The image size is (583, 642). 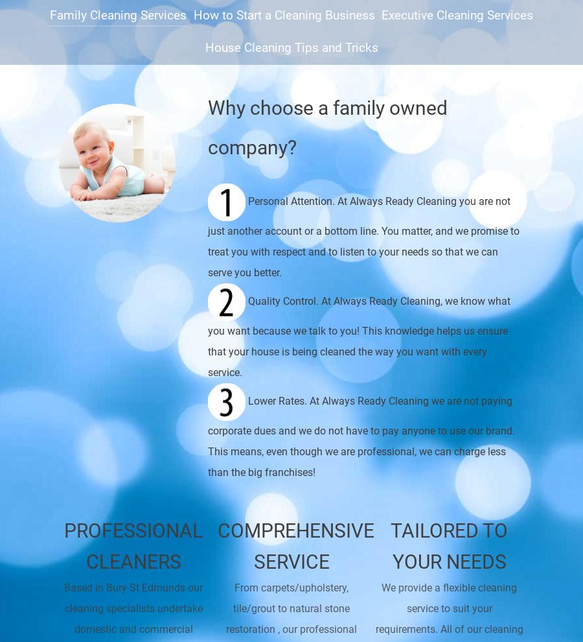 I want to click on 'Personal Attention.  At Always Ready Cleaning you are not just another account or a bottom line.  You matter, and we promise to treat you with respect and to listen to your needs so that we can serve you better.', so click(x=363, y=236).